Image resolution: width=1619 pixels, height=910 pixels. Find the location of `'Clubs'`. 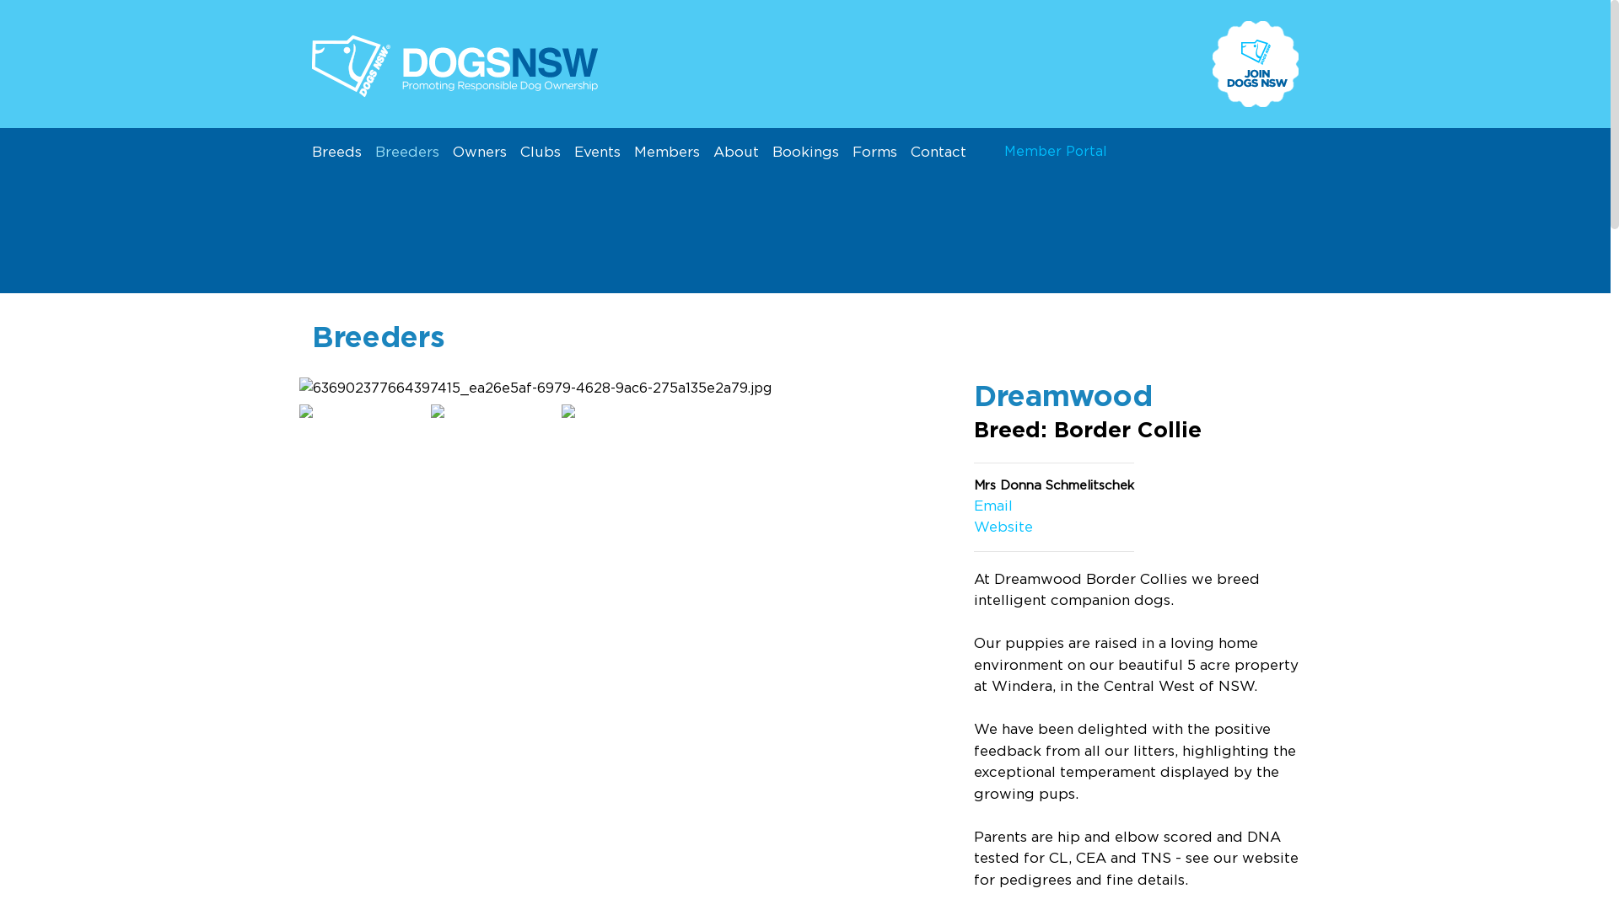

'Clubs' is located at coordinates (546, 153).